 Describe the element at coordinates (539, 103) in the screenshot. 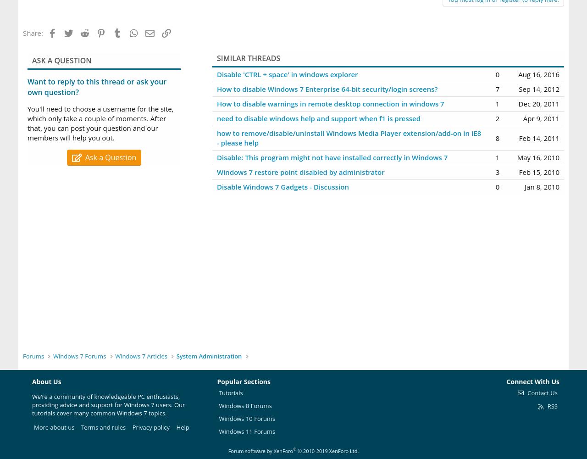

I see `'Dec 20, 2011'` at that location.